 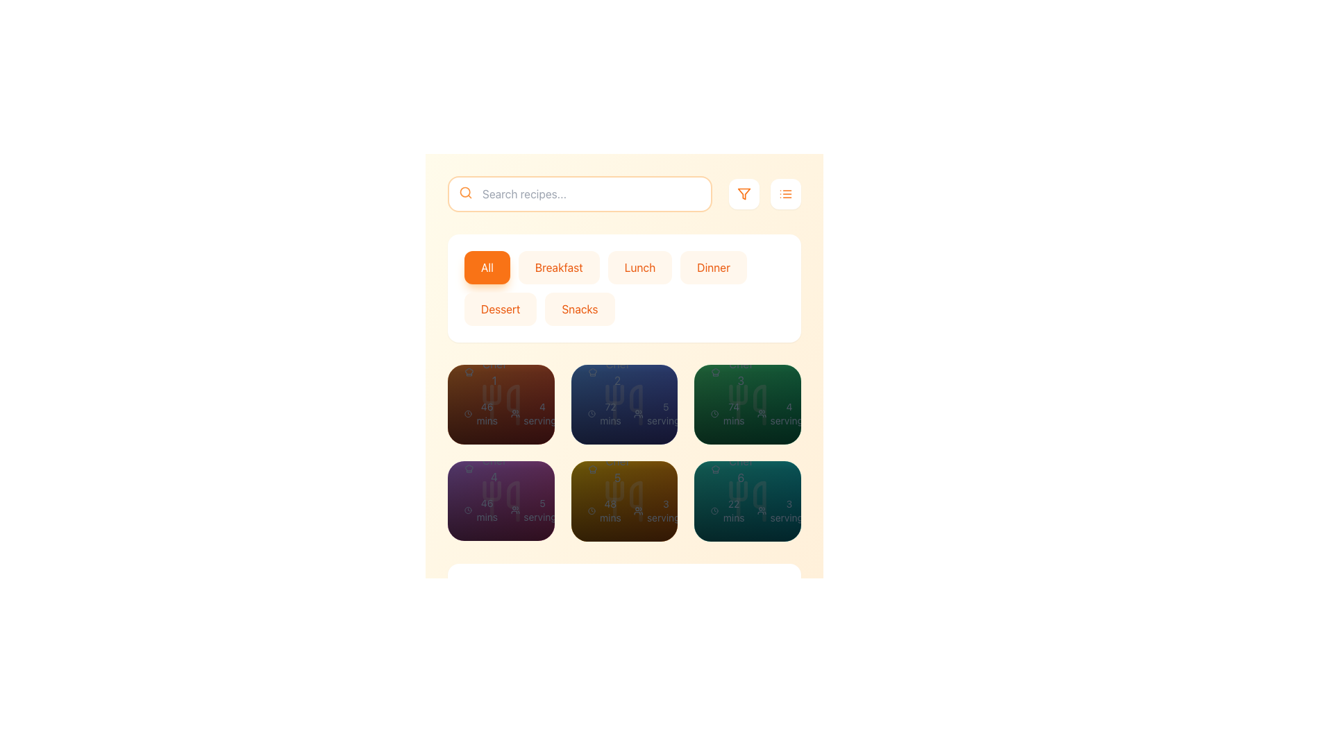 What do you see at coordinates (623, 404) in the screenshot?
I see `the second button from the left in a horizontal group of three buttons located at the bottom of the recipe card interface` at bounding box center [623, 404].